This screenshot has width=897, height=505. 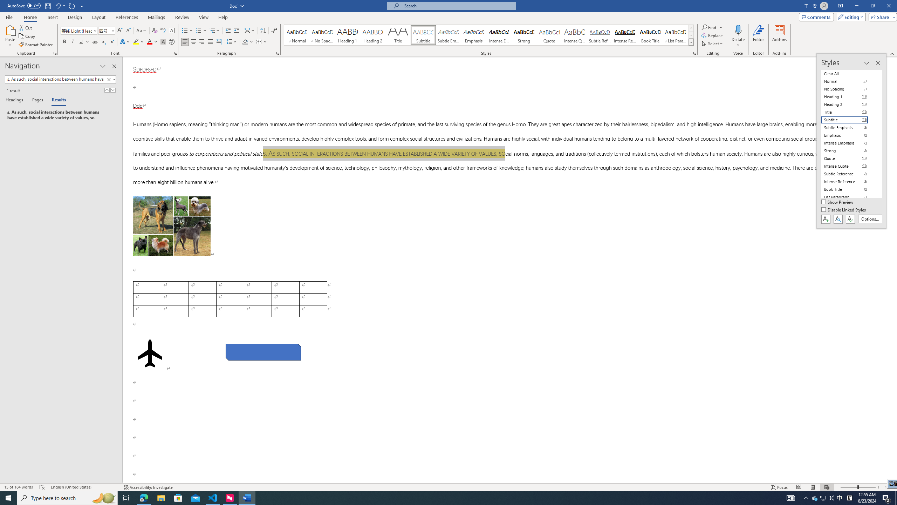 I want to click on 'System', so click(x=4, y=3).